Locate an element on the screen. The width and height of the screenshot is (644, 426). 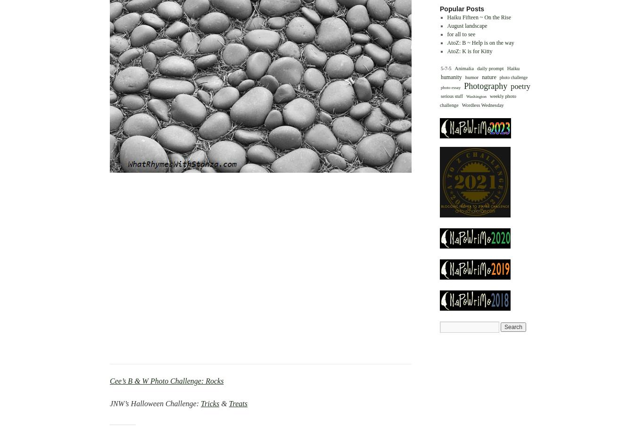
'AtoZ: K is for Kitty' is located at coordinates (469, 50).